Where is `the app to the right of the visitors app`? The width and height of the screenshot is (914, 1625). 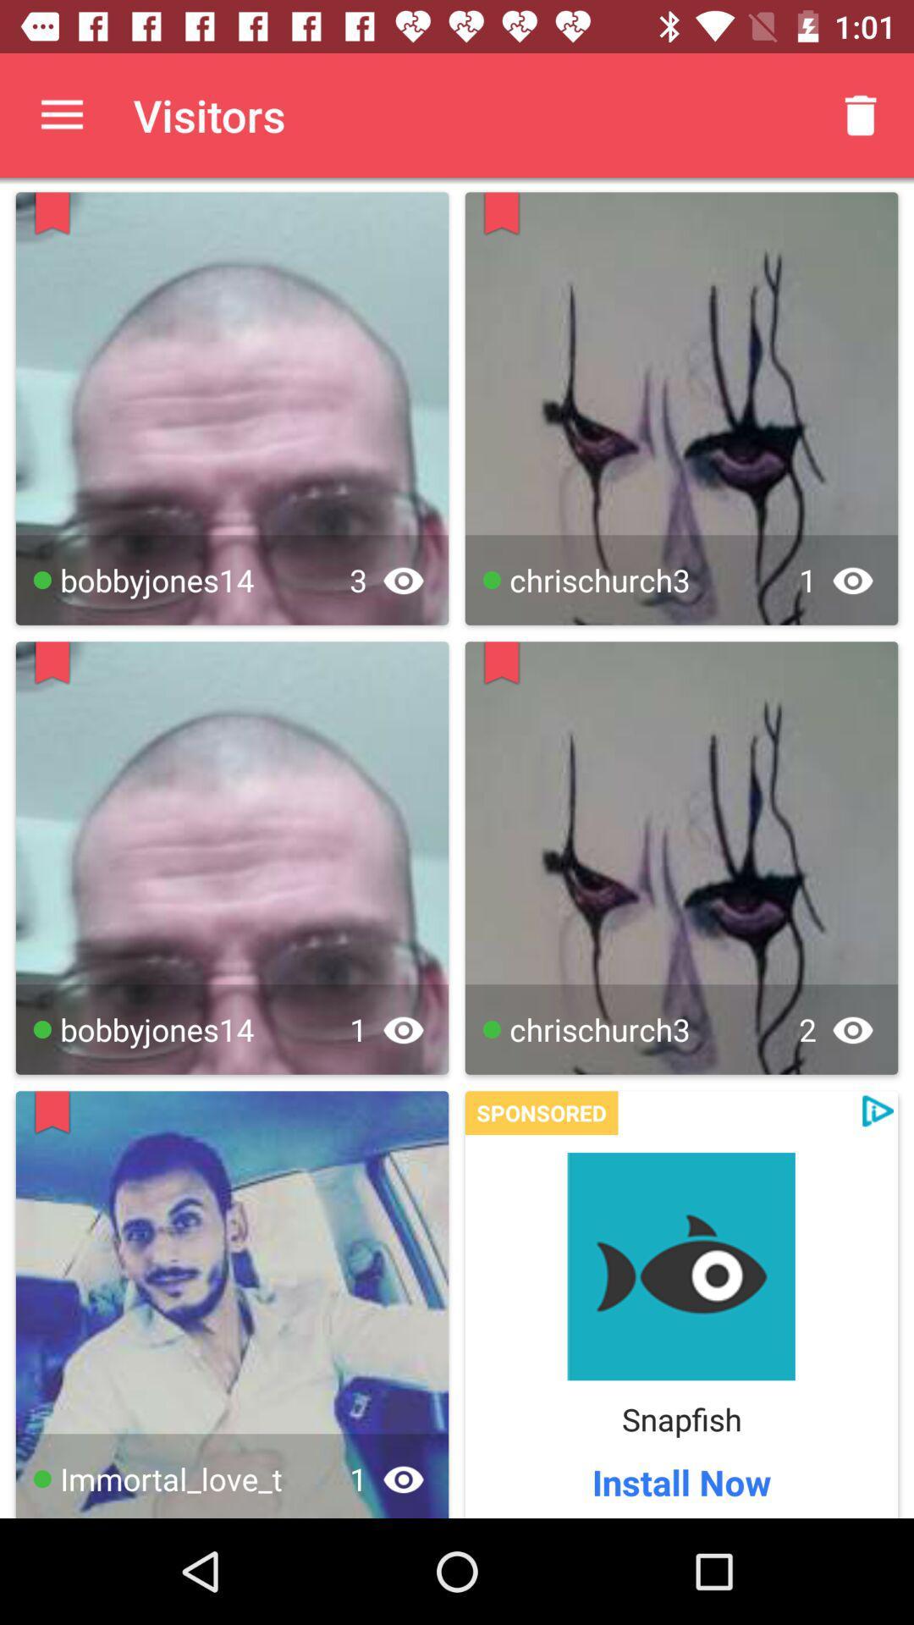
the app to the right of the visitors app is located at coordinates (861, 114).